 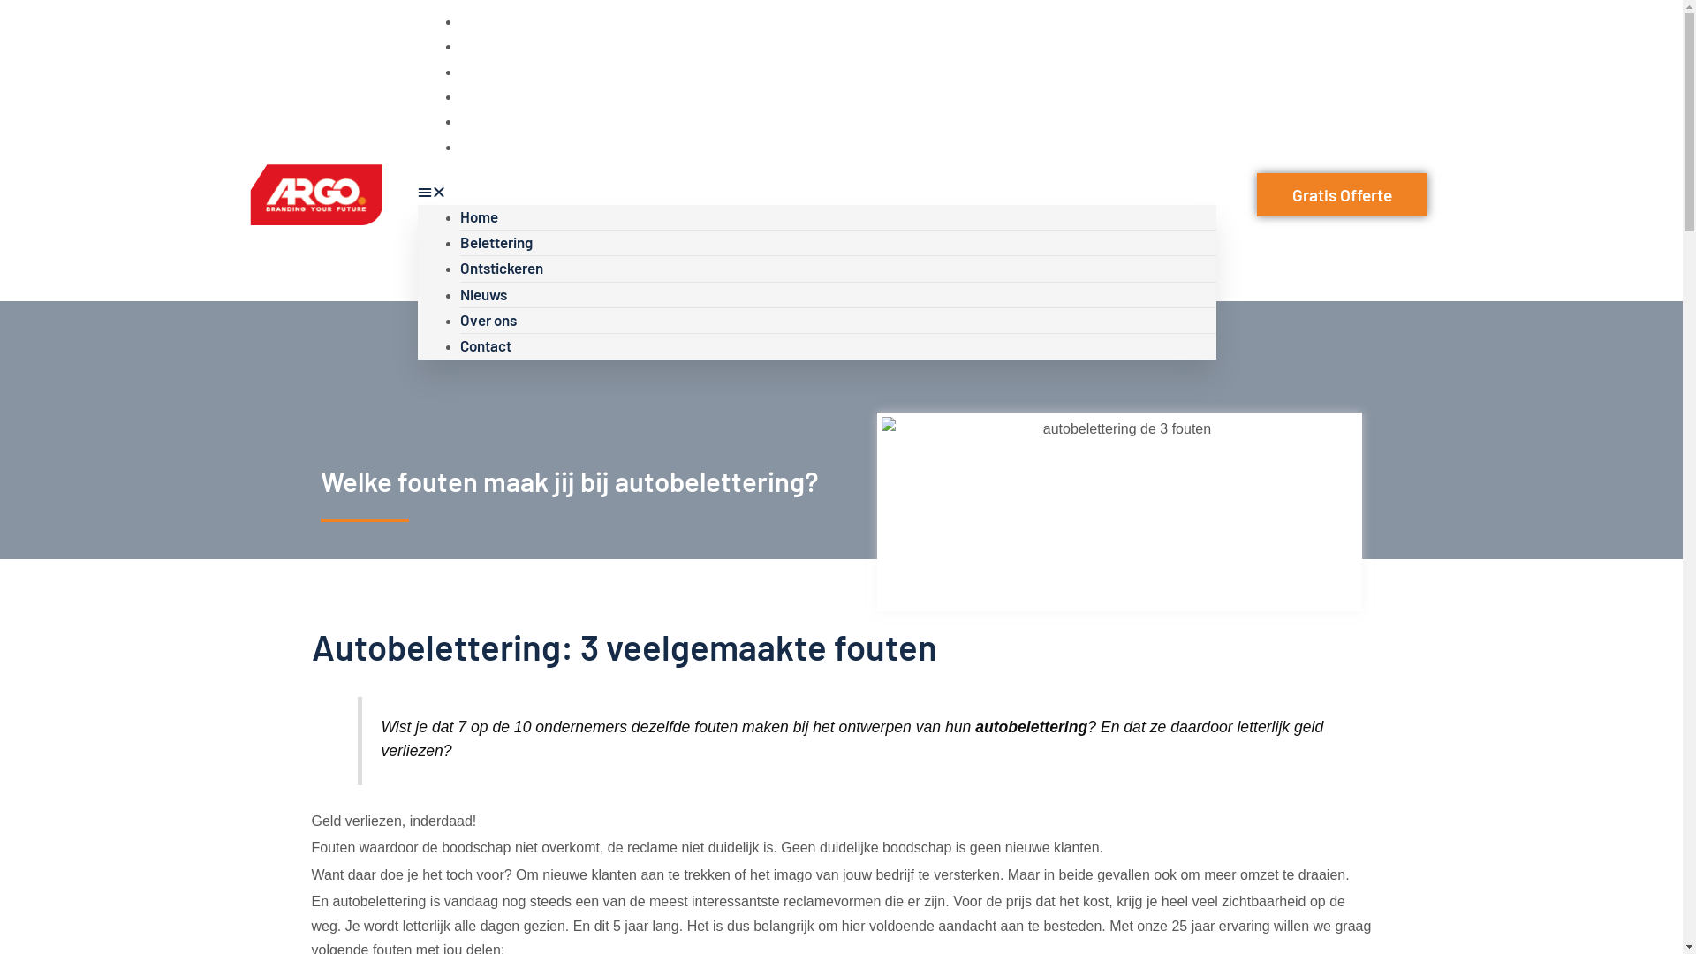 What do you see at coordinates (458, 70) in the screenshot?
I see `'Ontstickeren'` at bounding box center [458, 70].